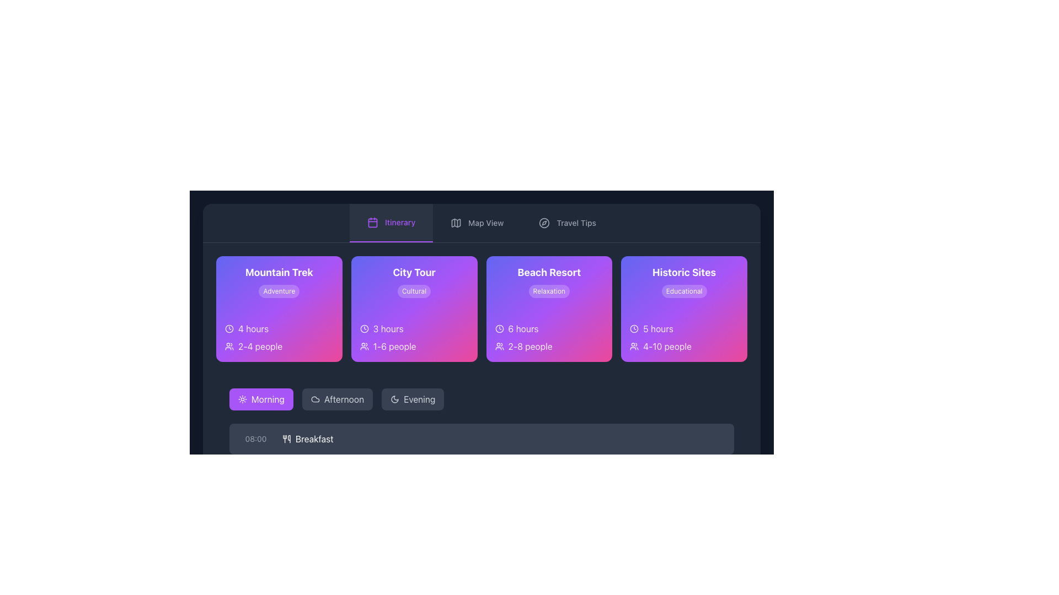 The width and height of the screenshot is (1059, 595). I want to click on the 'Morning' button located at the far left of the button group, so click(260, 399).